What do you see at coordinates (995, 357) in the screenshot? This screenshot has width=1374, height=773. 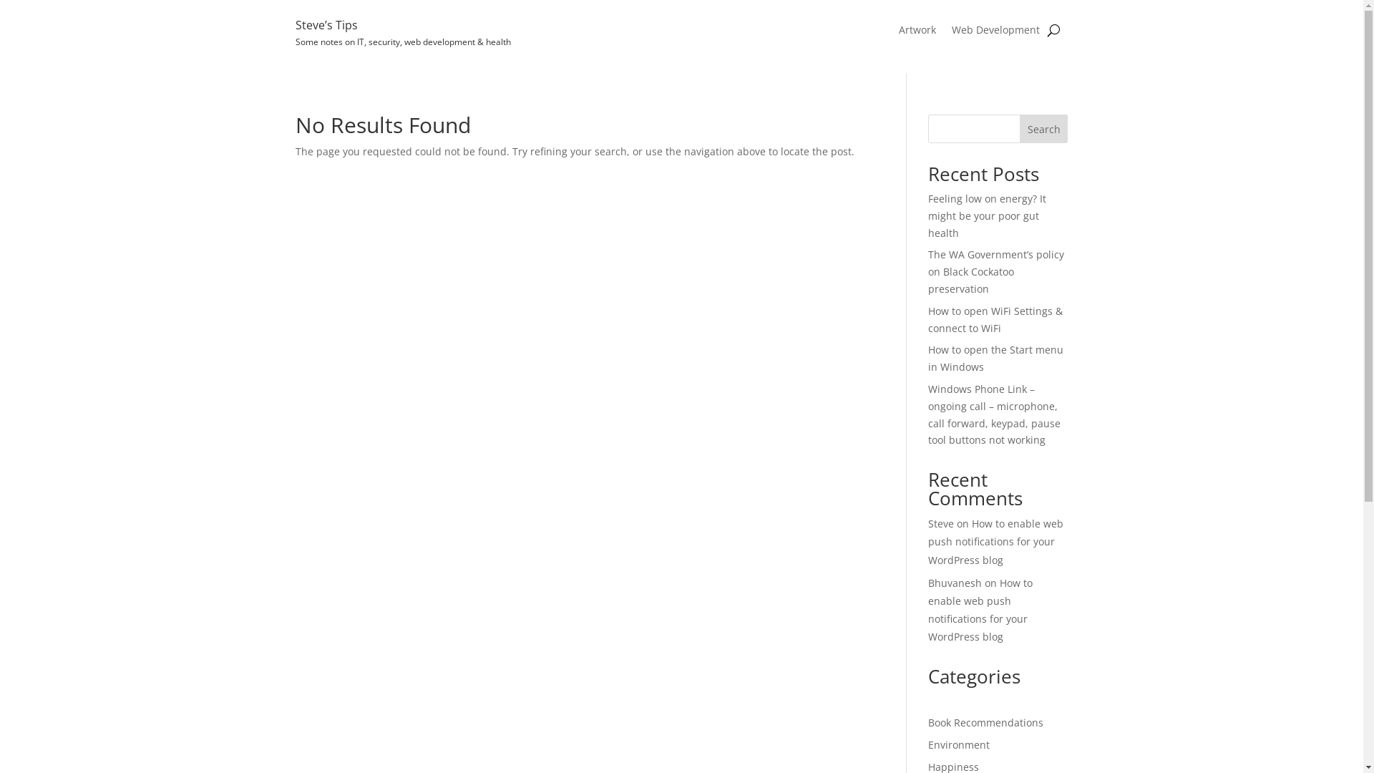 I see `'How to open the Start menu in Windows'` at bounding box center [995, 357].